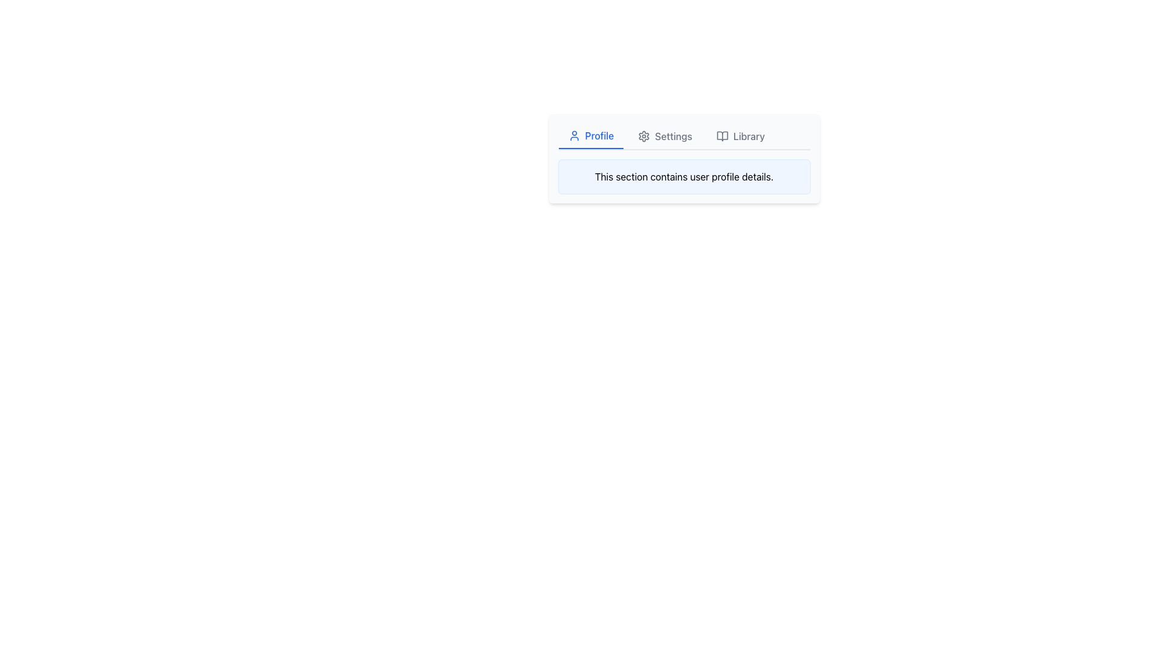 This screenshot has width=1160, height=652. I want to click on the settings icon located in the menu bar adjacent to the 'Profile' tab and 'Library' tab, so click(643, 136).